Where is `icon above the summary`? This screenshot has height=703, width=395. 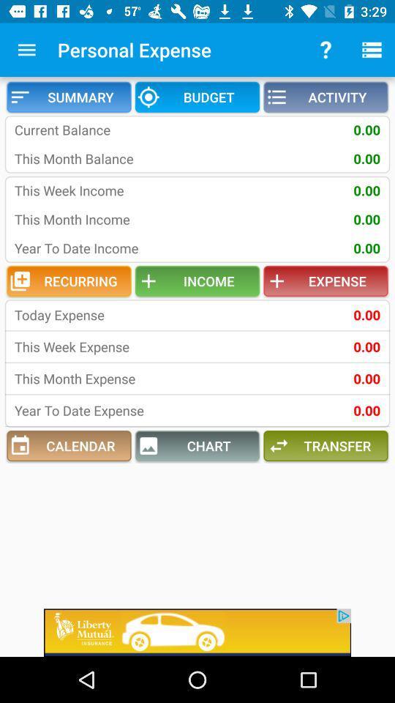
icon above the summary is located at coordinates (26, 50).